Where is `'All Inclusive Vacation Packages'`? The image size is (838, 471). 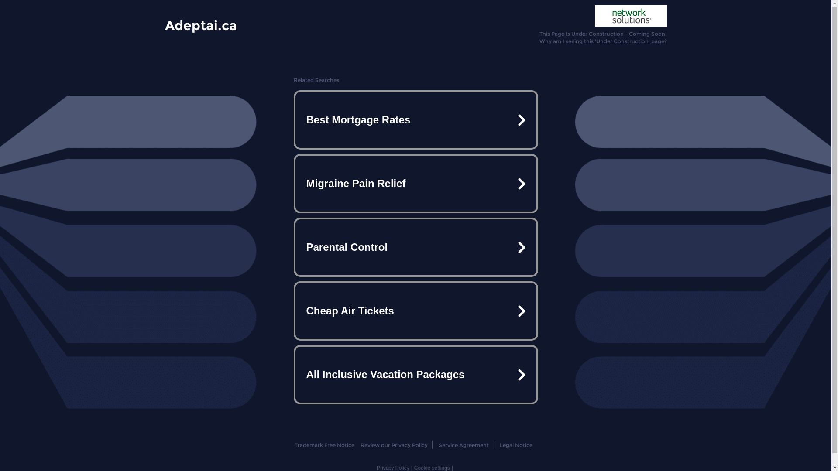 'All Inclusive Vacation Packages' is located at coordinates (415, 374).